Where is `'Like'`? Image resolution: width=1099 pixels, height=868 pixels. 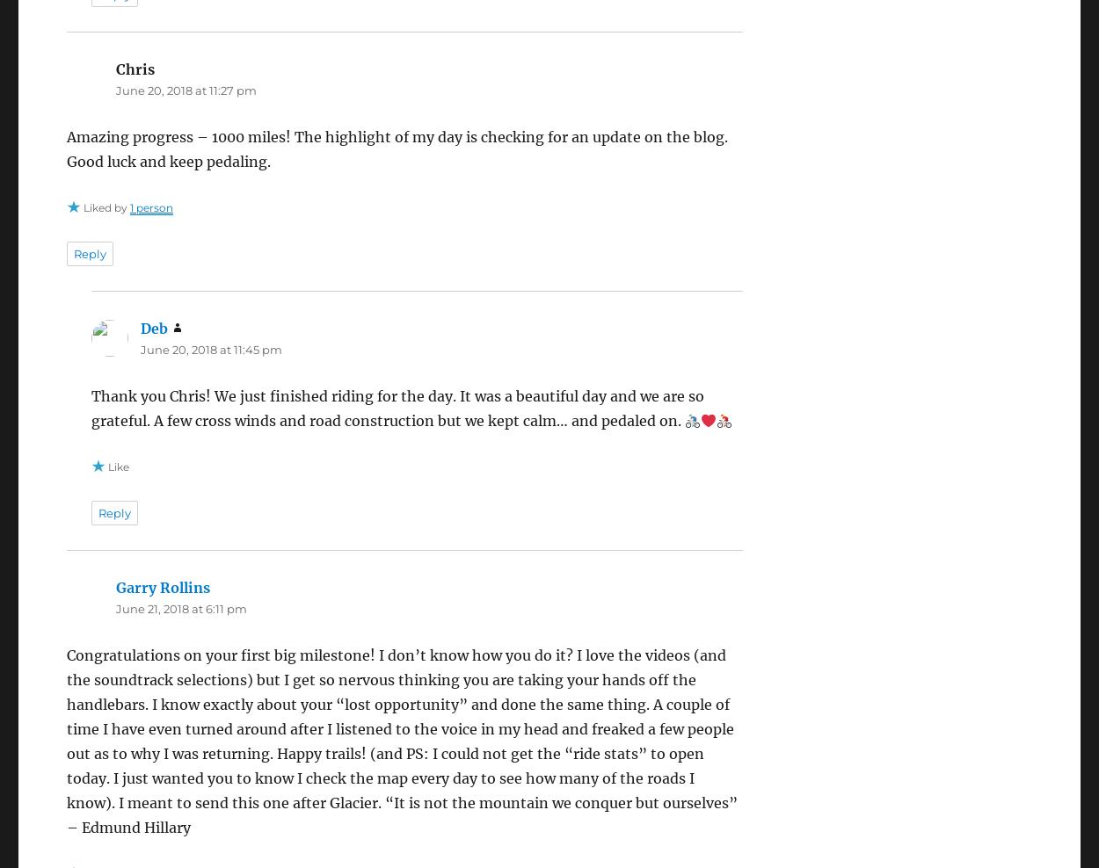 'Like' is located at coordinates (118, 465).